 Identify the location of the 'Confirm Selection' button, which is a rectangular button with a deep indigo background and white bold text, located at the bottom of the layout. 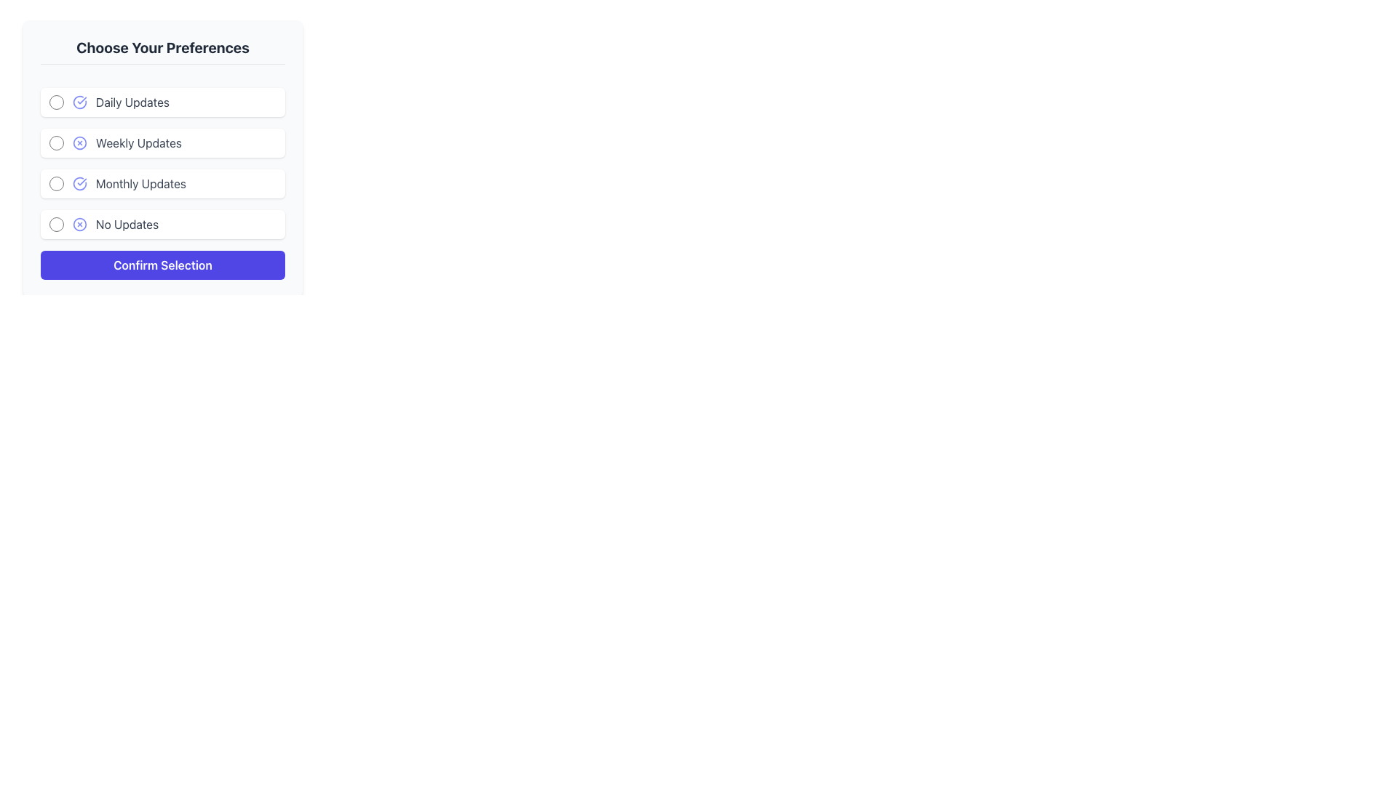
(163, 265).